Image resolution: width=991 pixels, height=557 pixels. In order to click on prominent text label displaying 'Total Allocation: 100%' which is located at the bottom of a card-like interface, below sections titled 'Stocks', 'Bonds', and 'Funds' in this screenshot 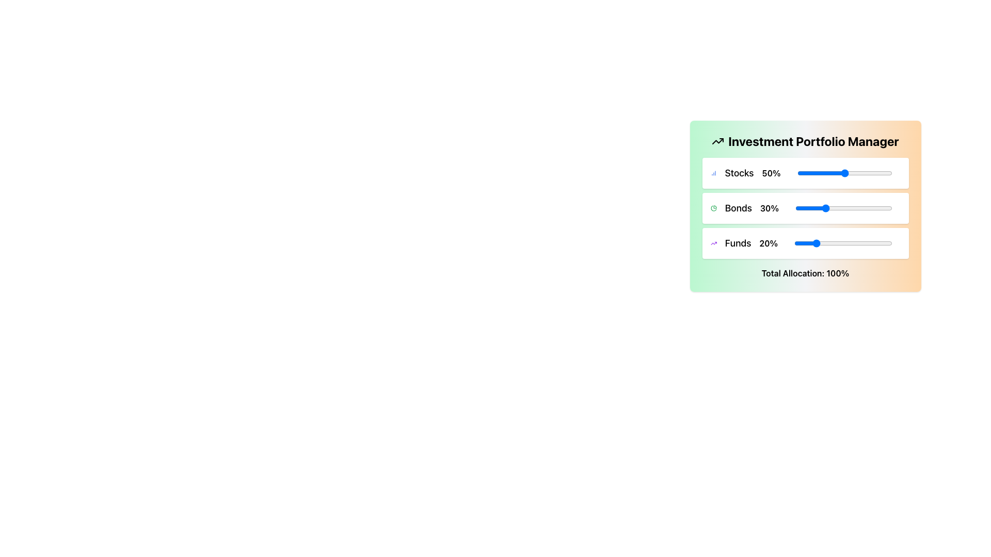, I will do `click(805, 272)`.